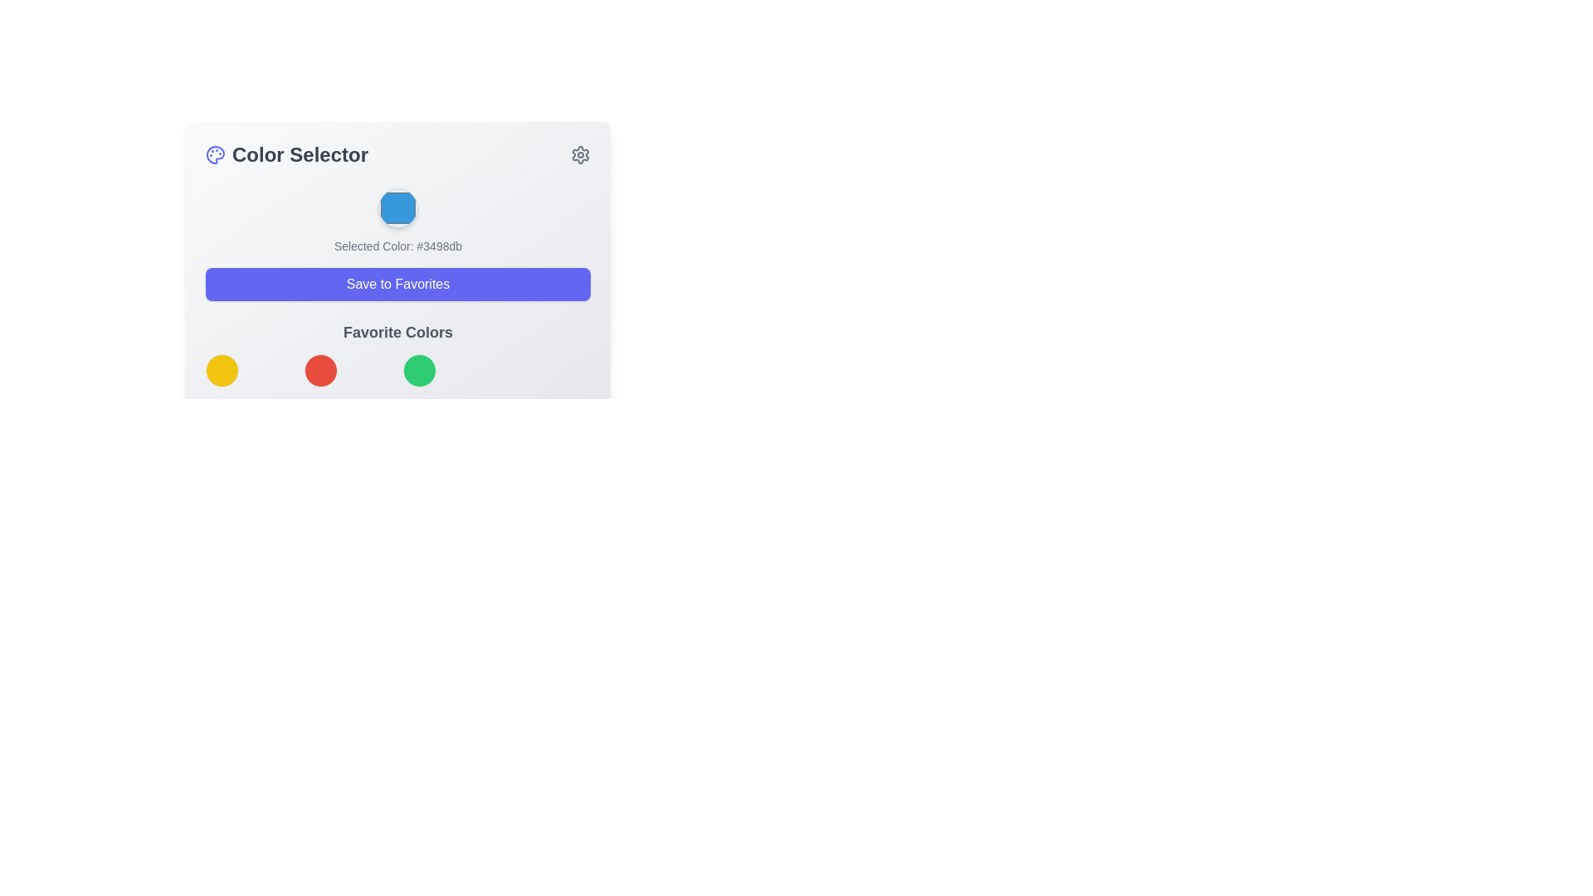 This screenshot has width=1593, height=896. Describe the element at coordinates (321, 370) in the screenshot. I see `the Interactive Button representing the red color located below the 'Favorite Colors' section` at that location.